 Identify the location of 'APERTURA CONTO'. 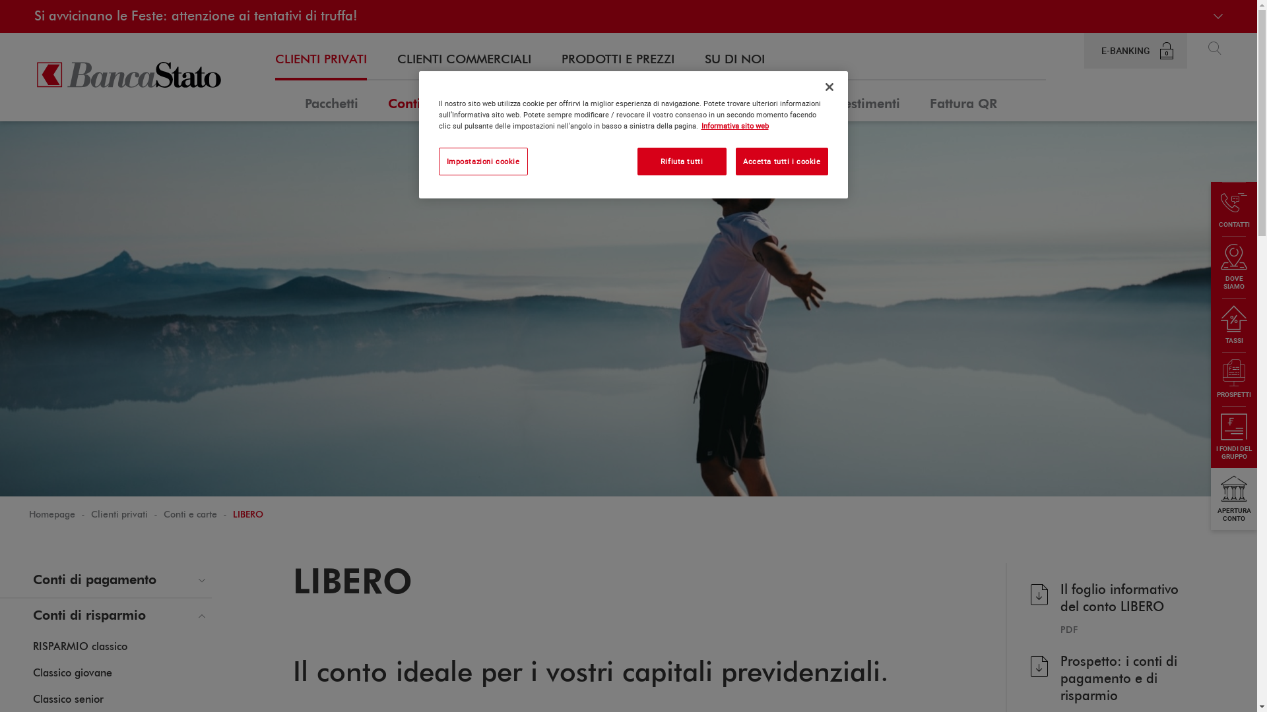
(1210, 498).